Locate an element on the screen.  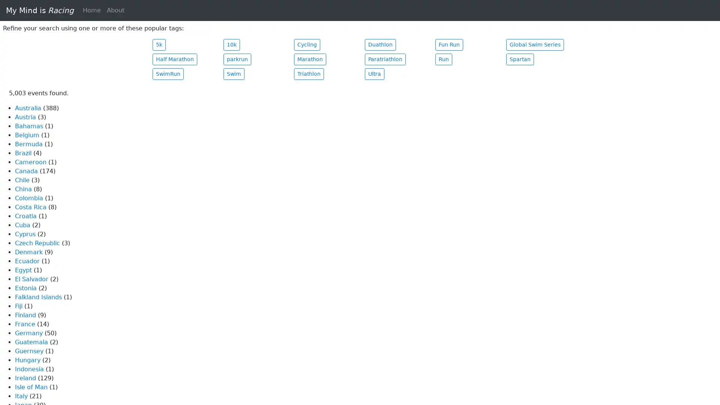
SwimRun is located at coordinates (168, 74).